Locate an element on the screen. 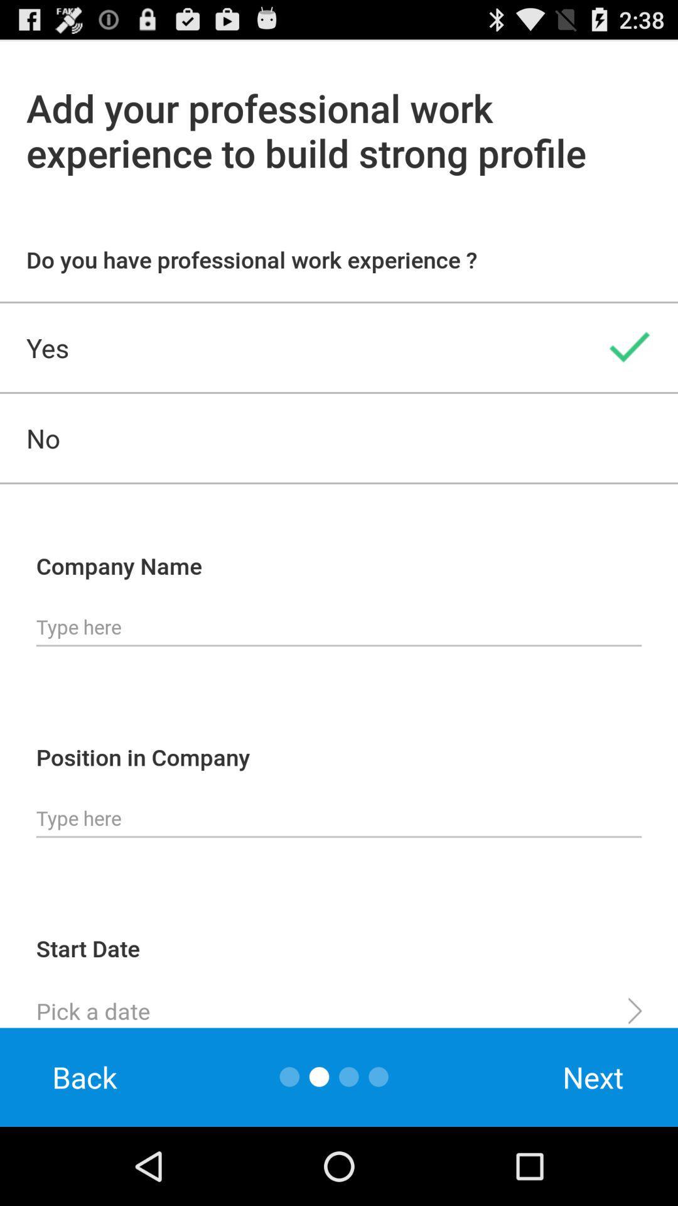 This screenshot has width=678, height=1206. start date is located at coordinates (339, 1006).